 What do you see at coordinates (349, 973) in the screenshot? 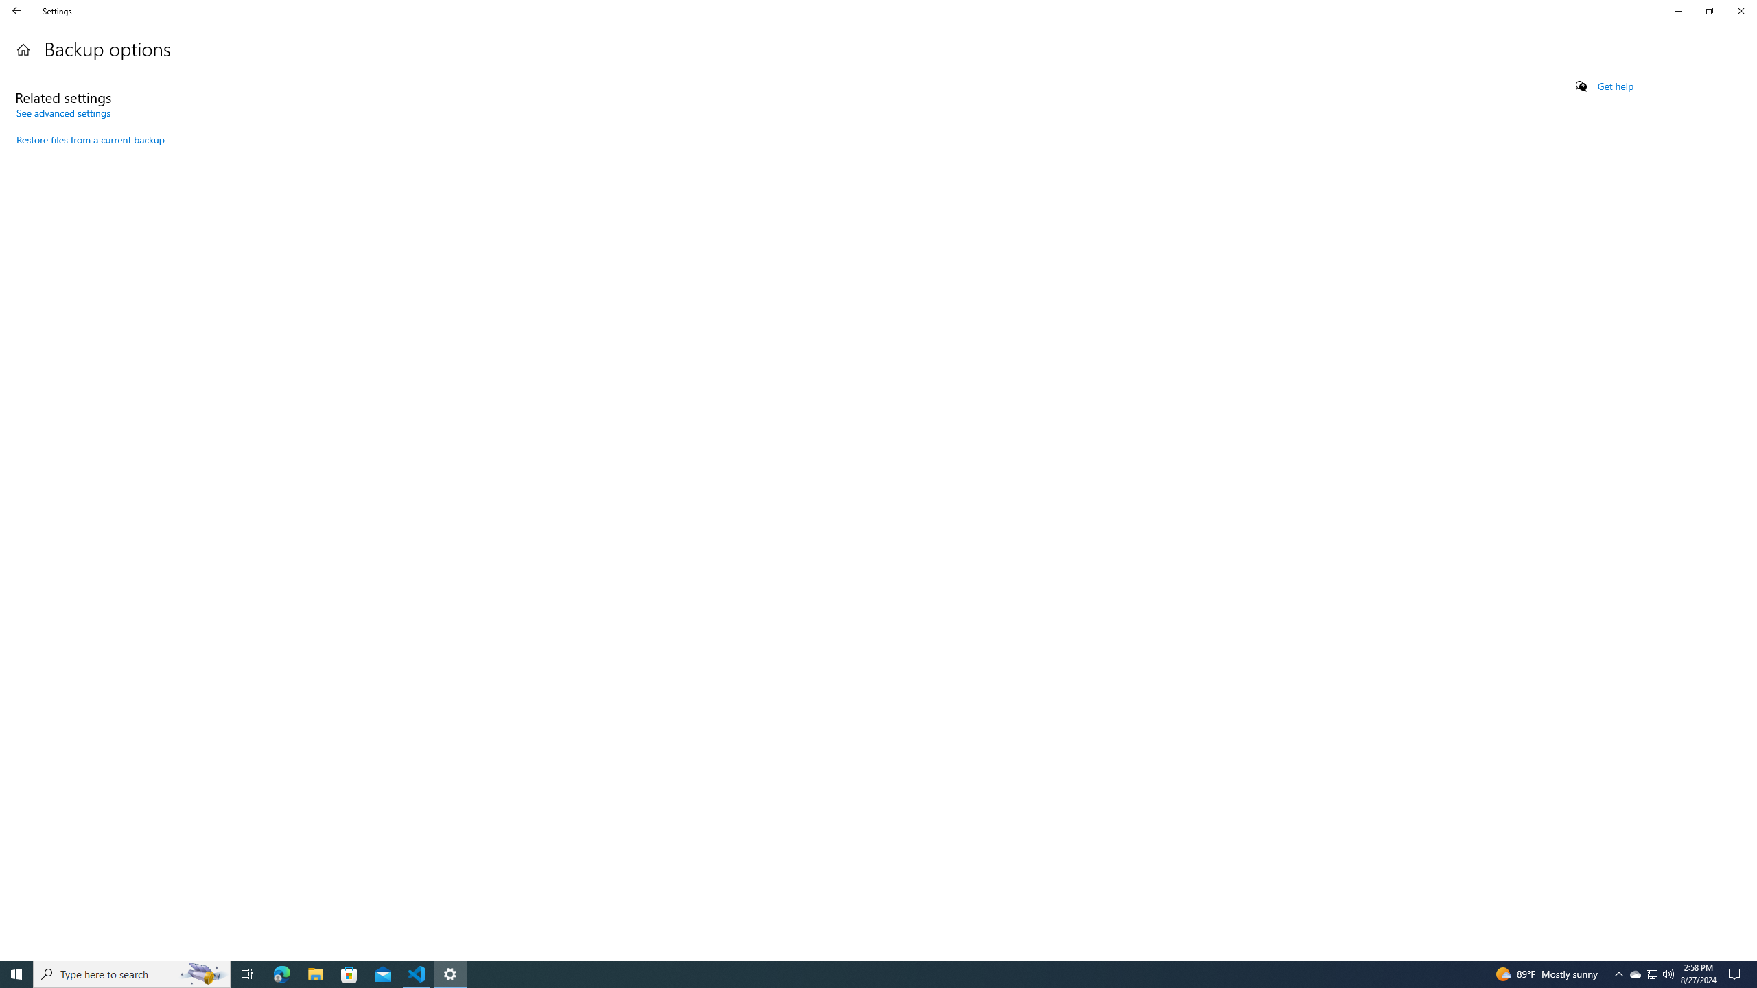
I see `'Microsoft Store'` at bounding box center [349, 973].